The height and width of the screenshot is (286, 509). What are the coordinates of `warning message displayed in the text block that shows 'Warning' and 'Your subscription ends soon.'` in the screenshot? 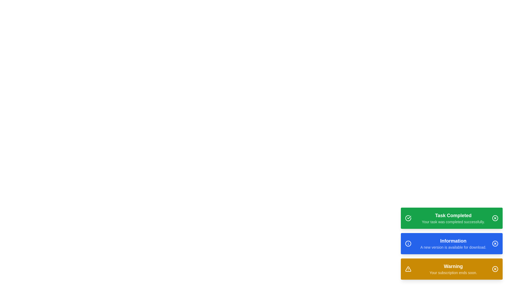 It's located at (453, 269).